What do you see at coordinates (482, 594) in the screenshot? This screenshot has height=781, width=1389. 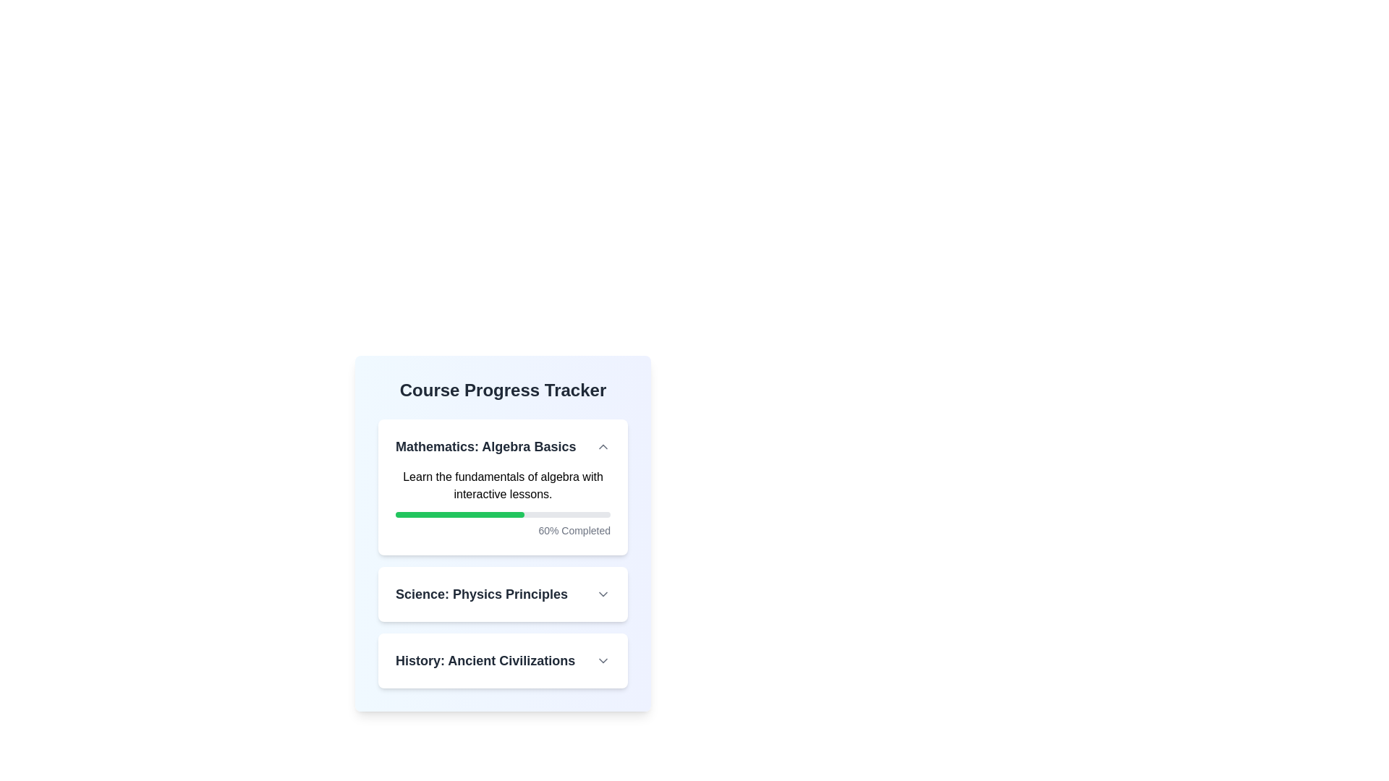 I see `text element that serves as the title for the 'Science: Physics Principles' section, which is positioned between the 'Mathematics: Algebra Basics' and 'History: Ancient Civilizations' sections in the 'Course Progress Tracker' interface` at bounding box center [482, 594].